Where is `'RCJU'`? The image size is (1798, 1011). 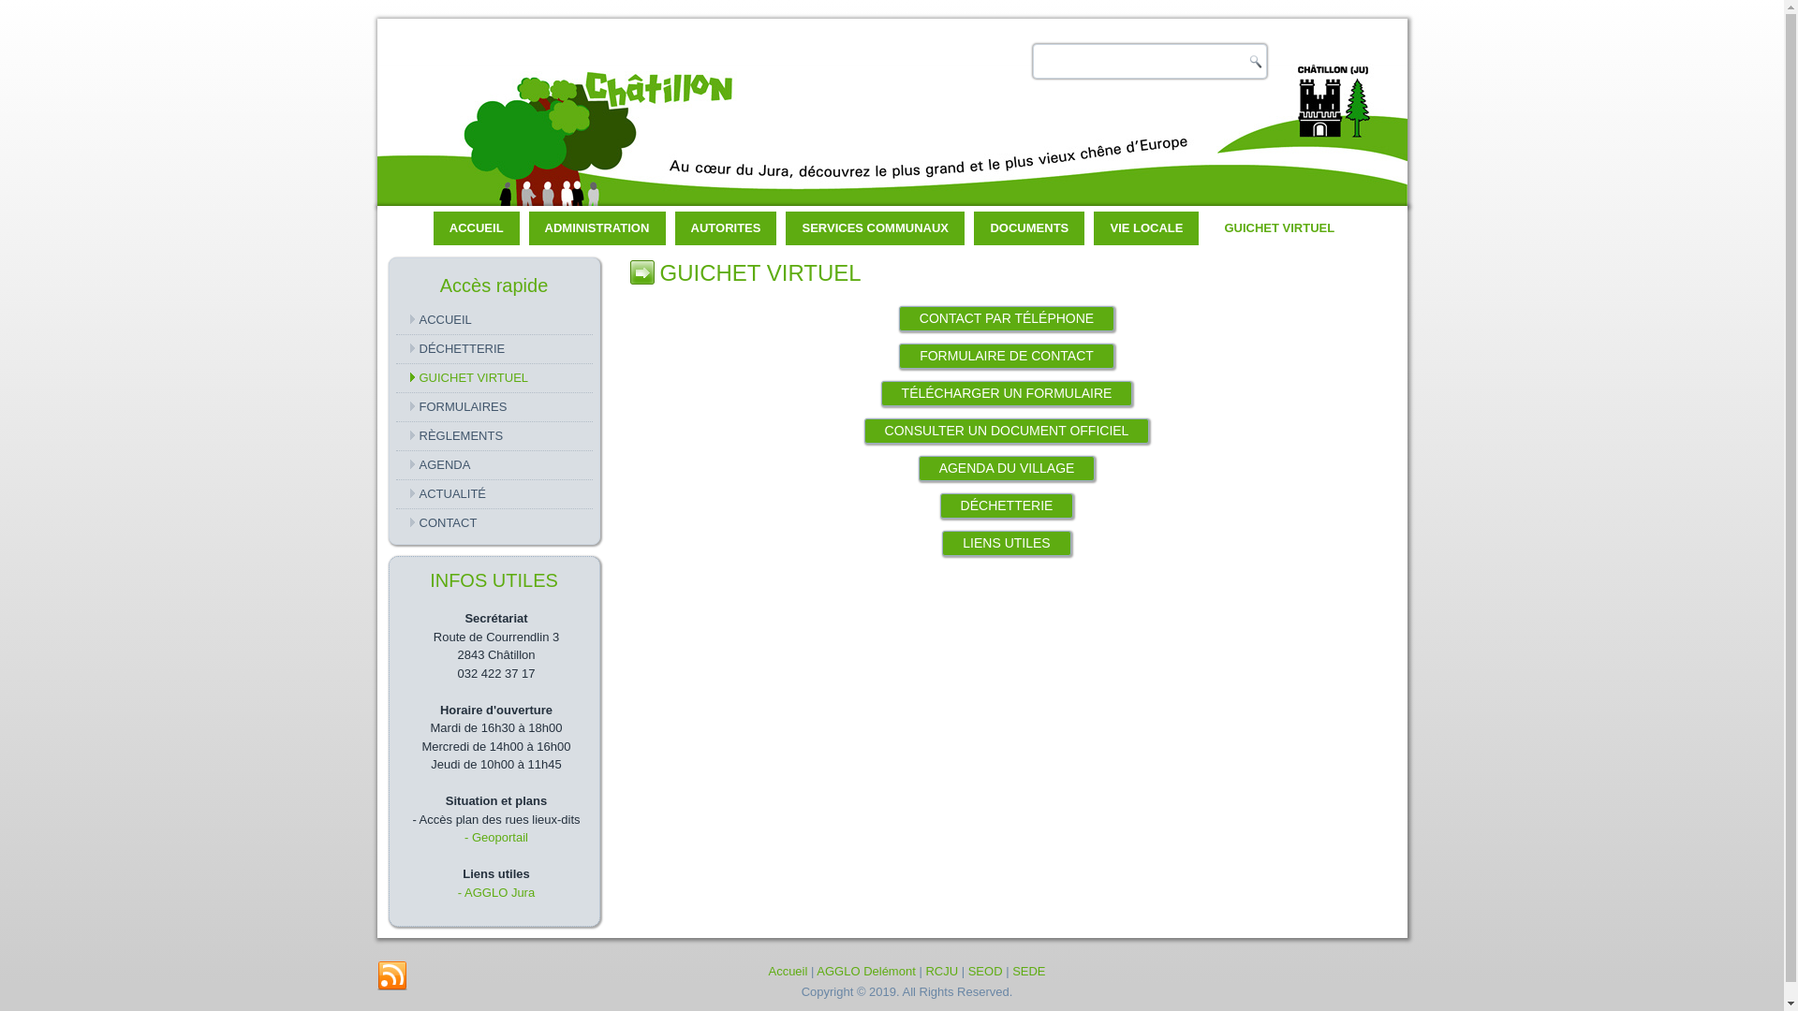
'RCJU' is located at coordinates (941, 970).